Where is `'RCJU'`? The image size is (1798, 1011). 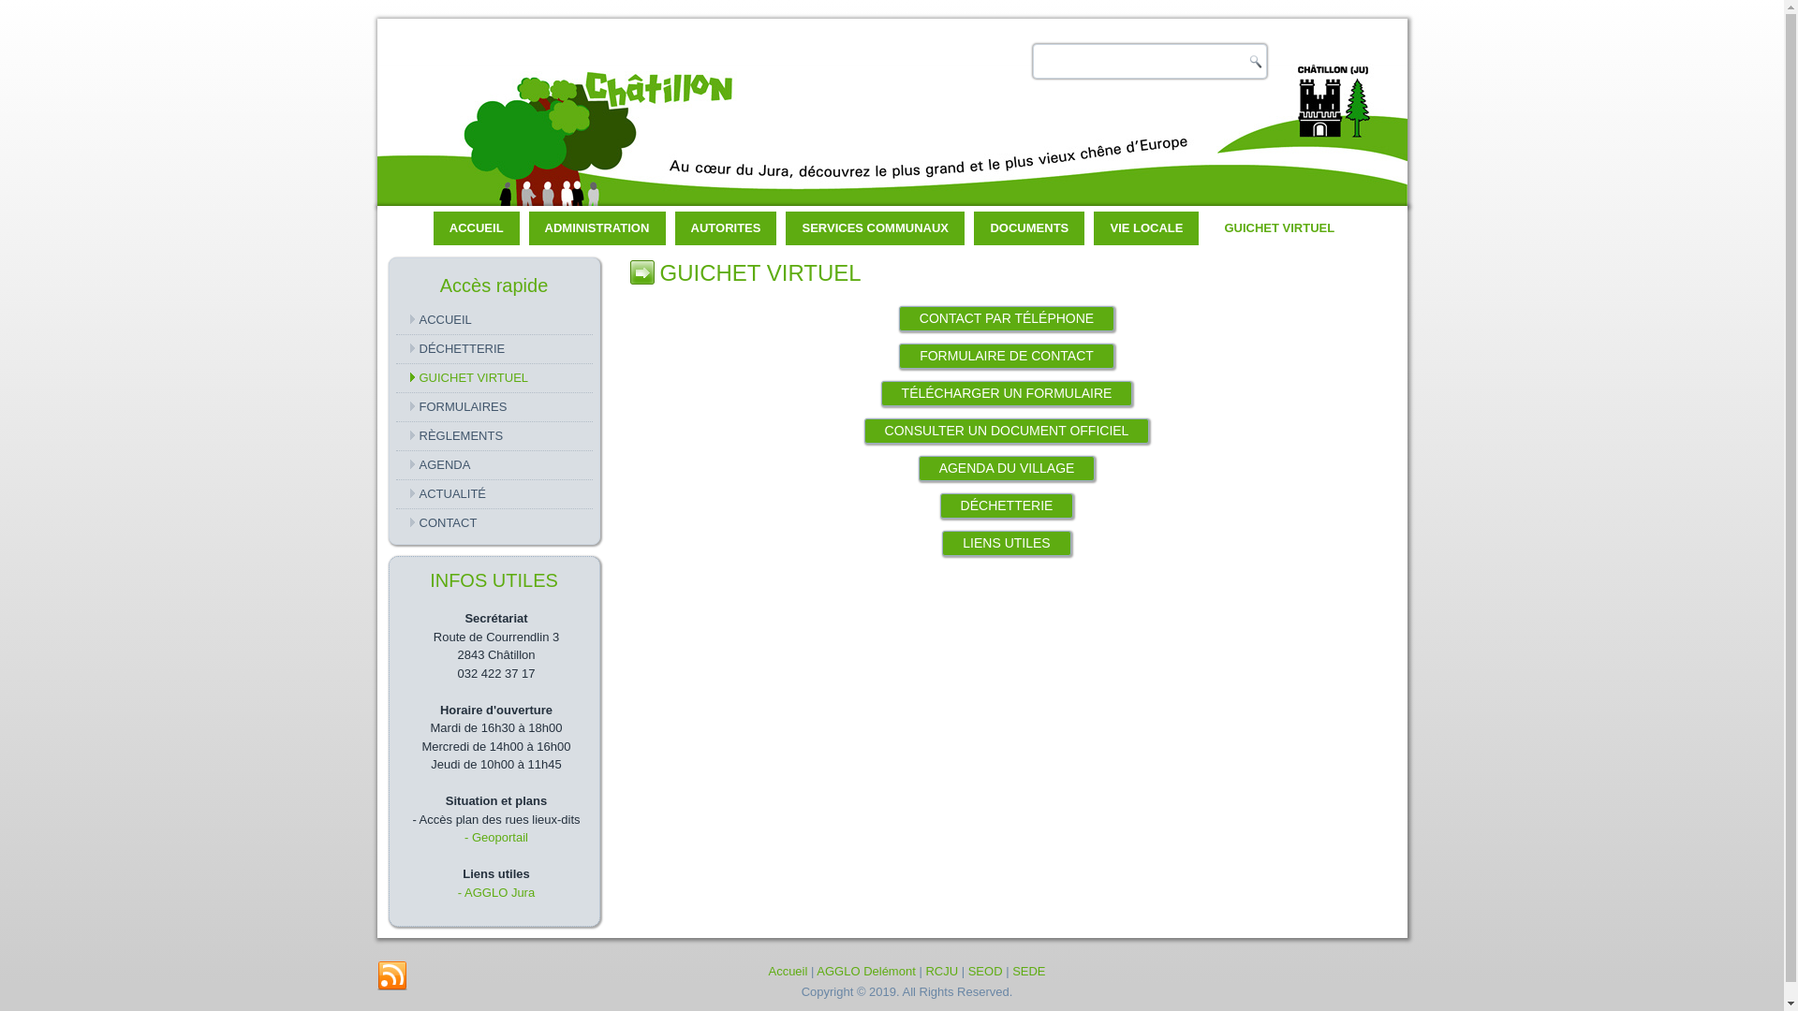
'RCJU' is located at coordinates (941, 970).